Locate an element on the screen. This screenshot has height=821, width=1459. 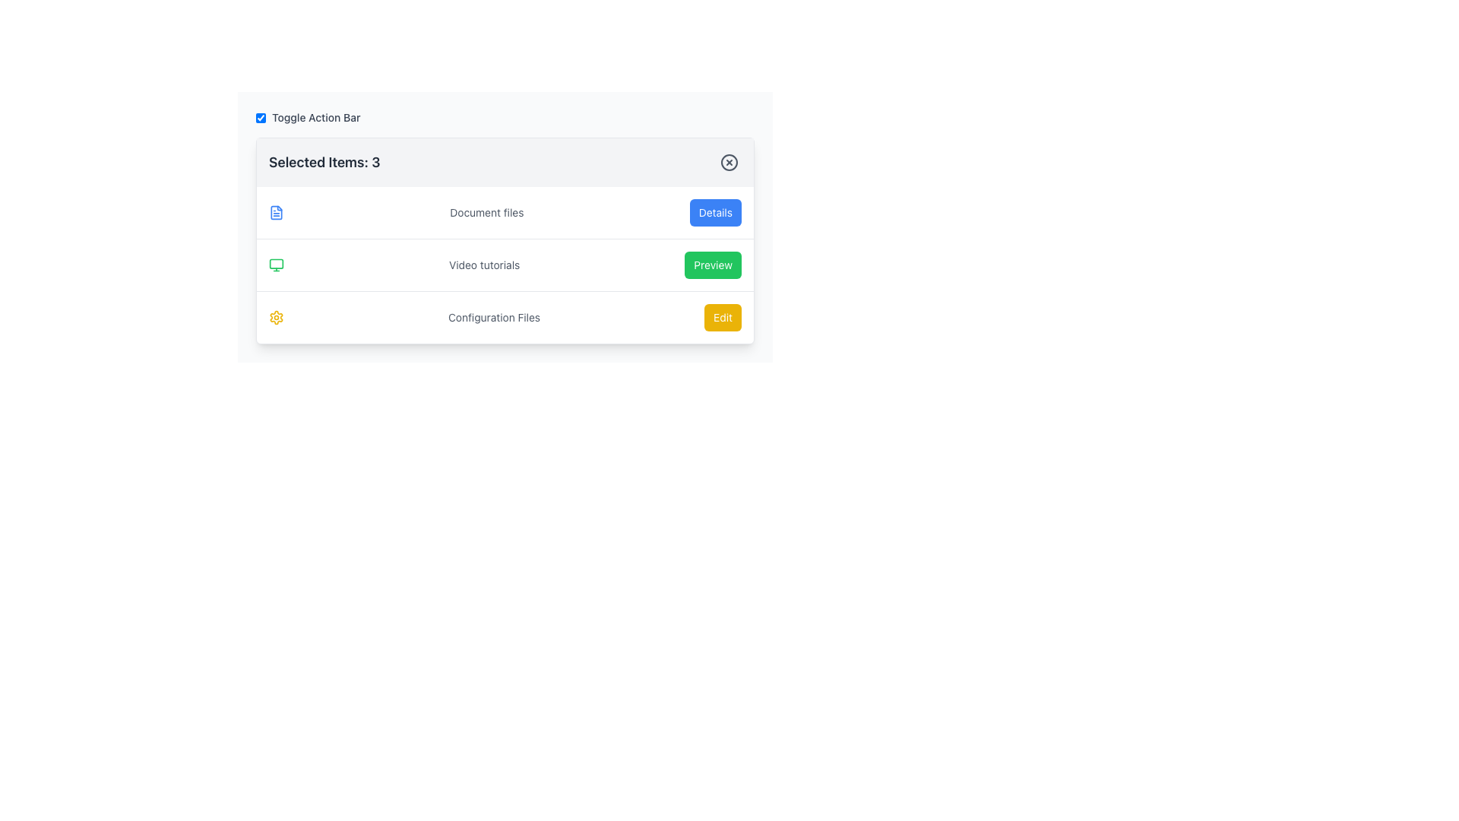
the 'Video tutorials' icon located in the second row of the list, positioned to the left of the text label 'Video tutorials' is located at coordinates (277, 264).